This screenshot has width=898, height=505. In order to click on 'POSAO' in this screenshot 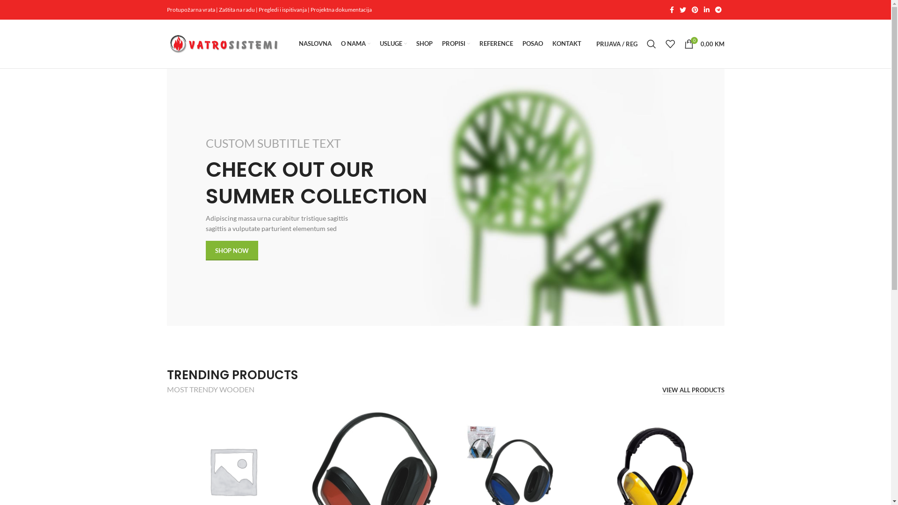, I will do `click(521, 43)`.